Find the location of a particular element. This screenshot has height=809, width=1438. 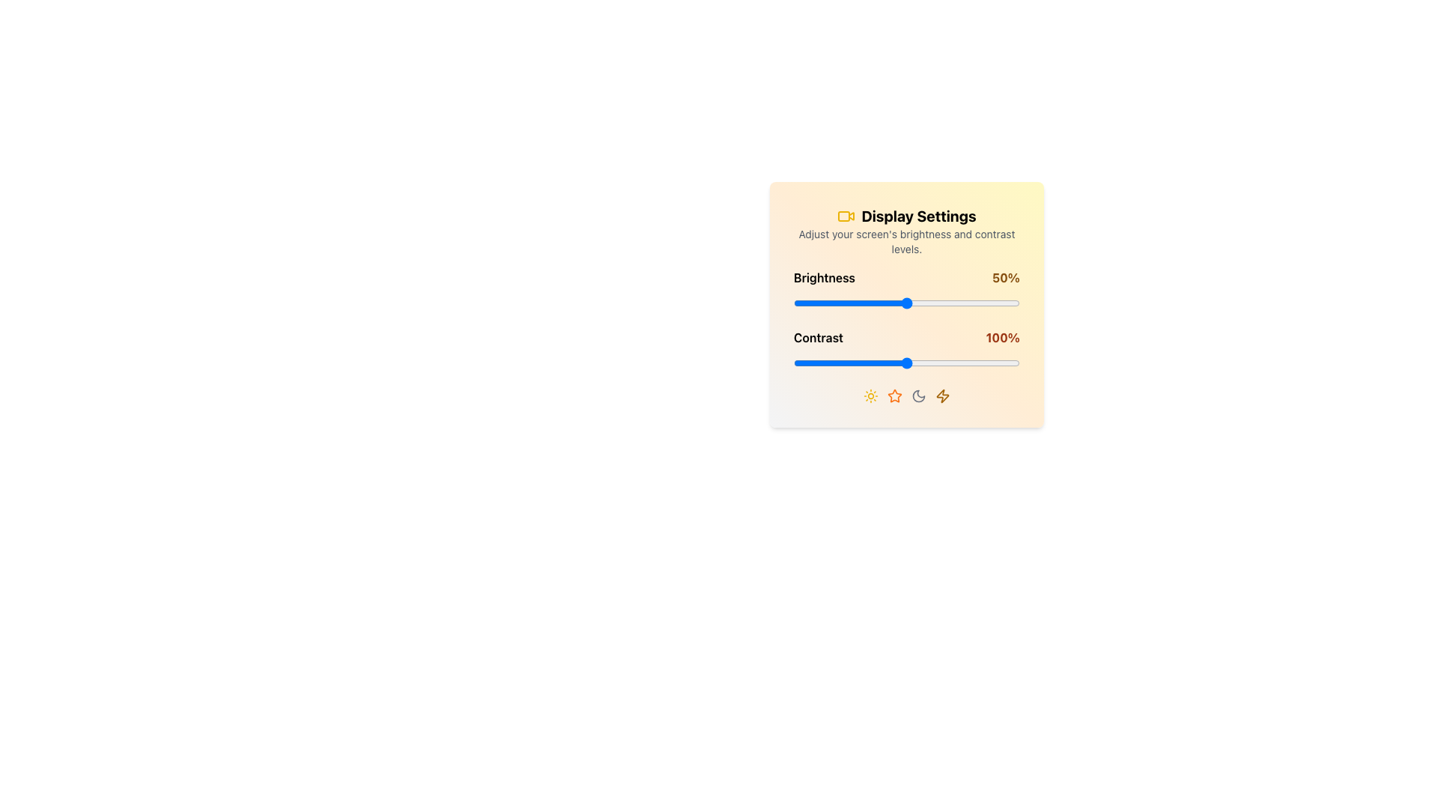

contrast is located at coordinates (1008, 363).